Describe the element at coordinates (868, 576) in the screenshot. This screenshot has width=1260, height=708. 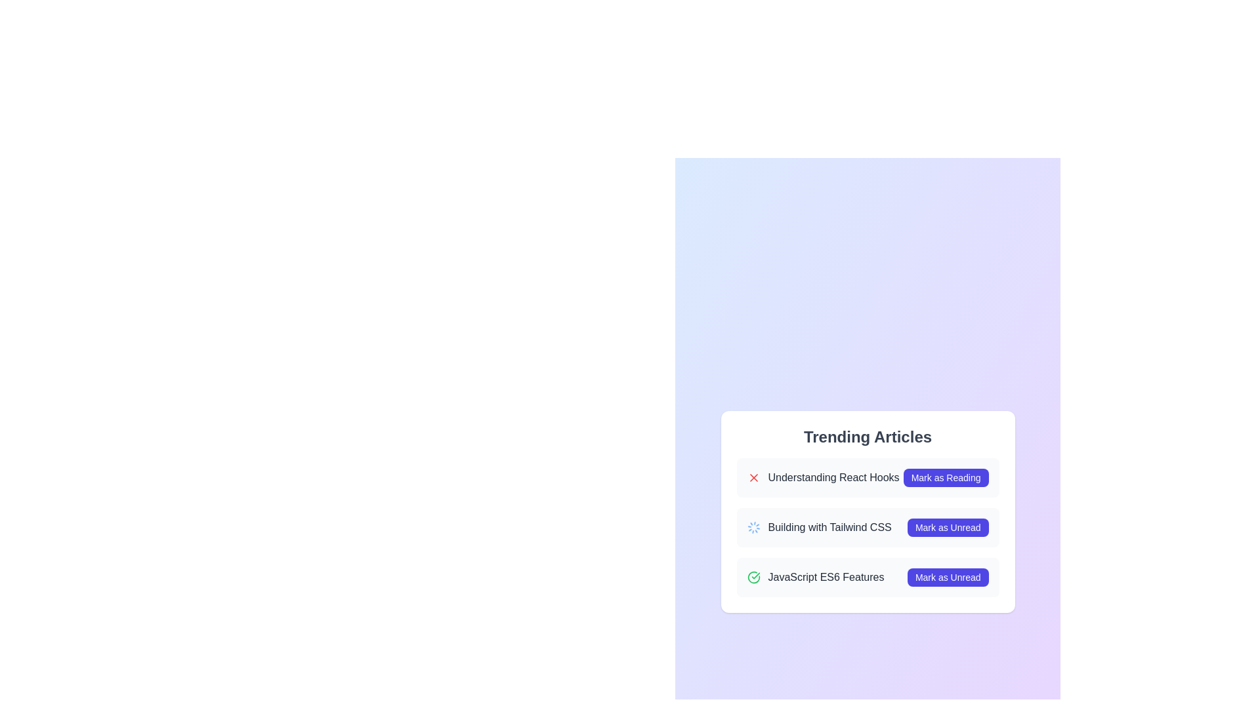
I see `the 'Mark as Unread' button on the composite UI component containing the item description 'JavaScript ES6 Features' in the 'Trending Articles' list` at that location.